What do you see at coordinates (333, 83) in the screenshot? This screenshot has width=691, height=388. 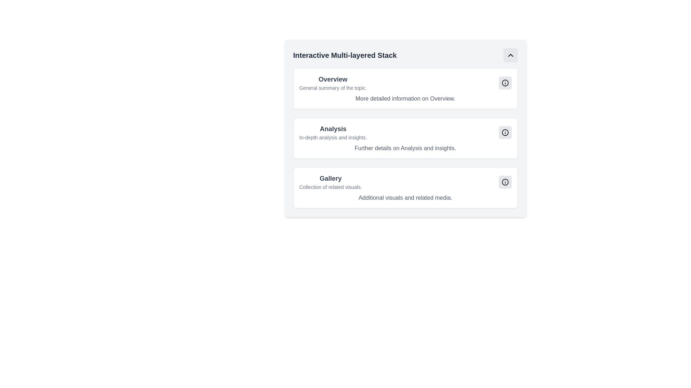 I see `the title and description Text Block located at the top of the 'Interactive Multi-layered Stack' card` at bounding box center [333, 83].